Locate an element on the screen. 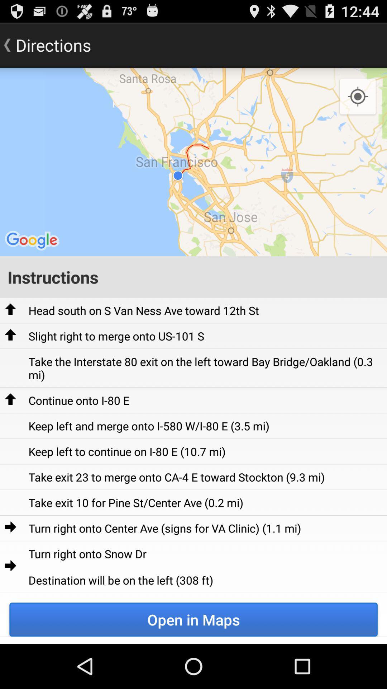  the location_crosshair icon is located at coordinates (358, 103).